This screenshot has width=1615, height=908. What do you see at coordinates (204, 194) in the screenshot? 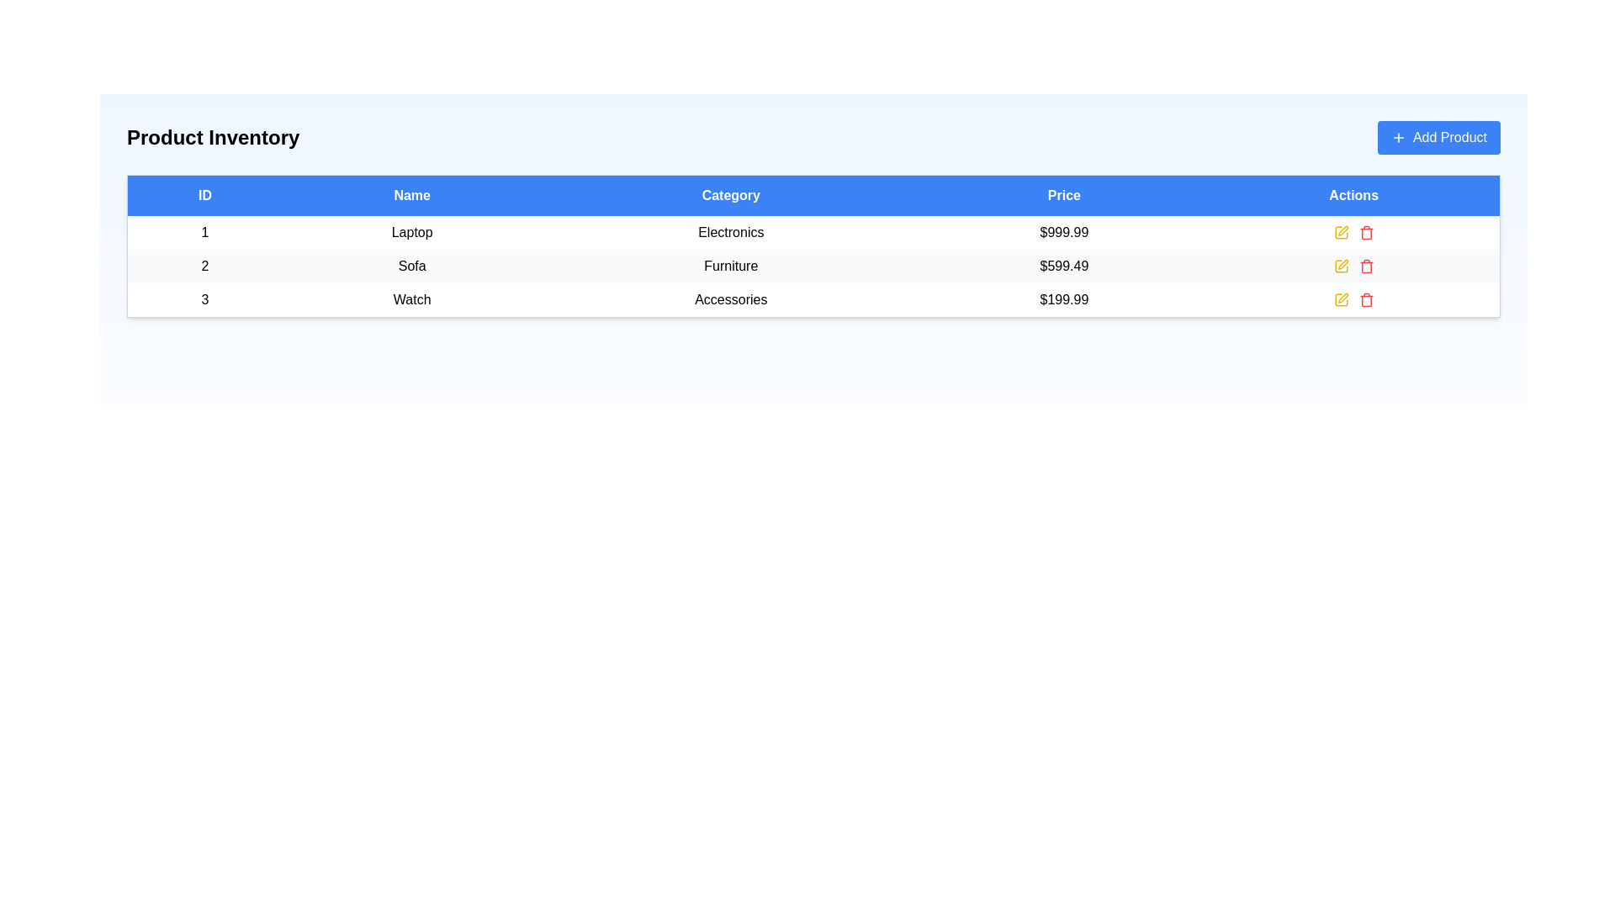
I see `the 'ID' column header cell in the data table, which is the leftmost header adjacent to the 'Name' header` at bounding box center [204, 194].